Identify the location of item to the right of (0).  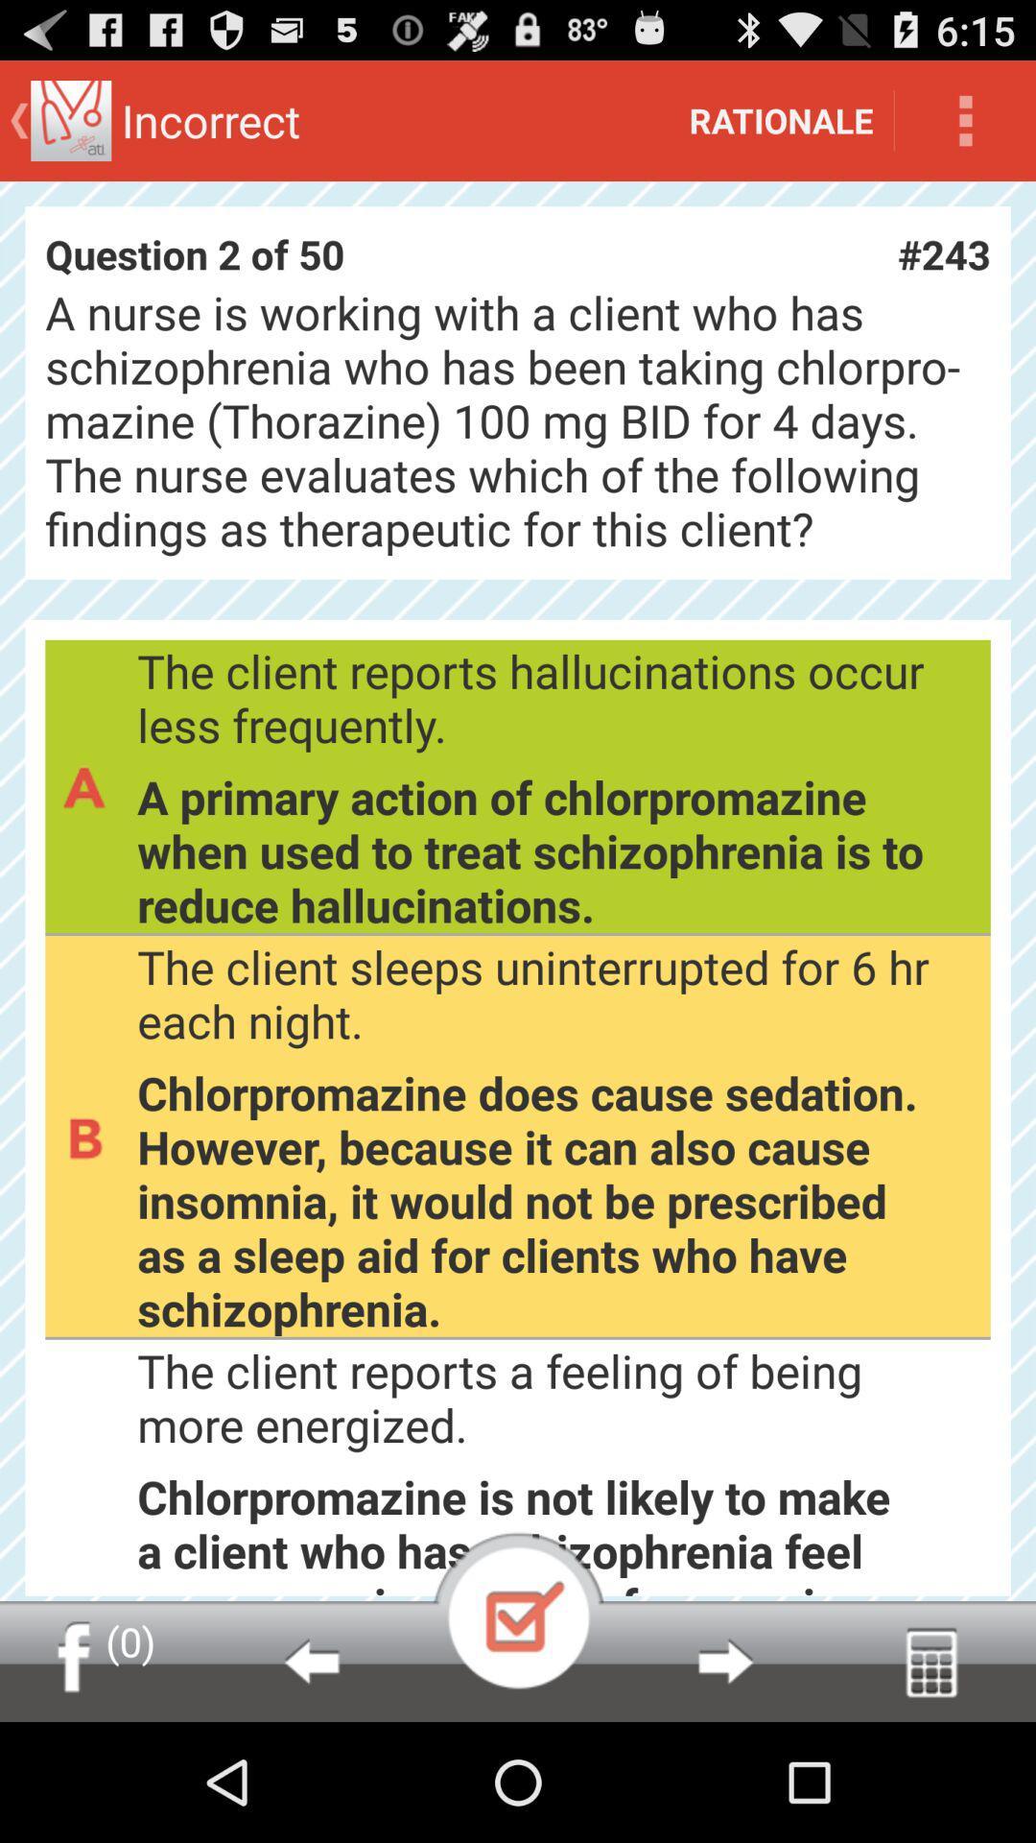
(310, 1661).